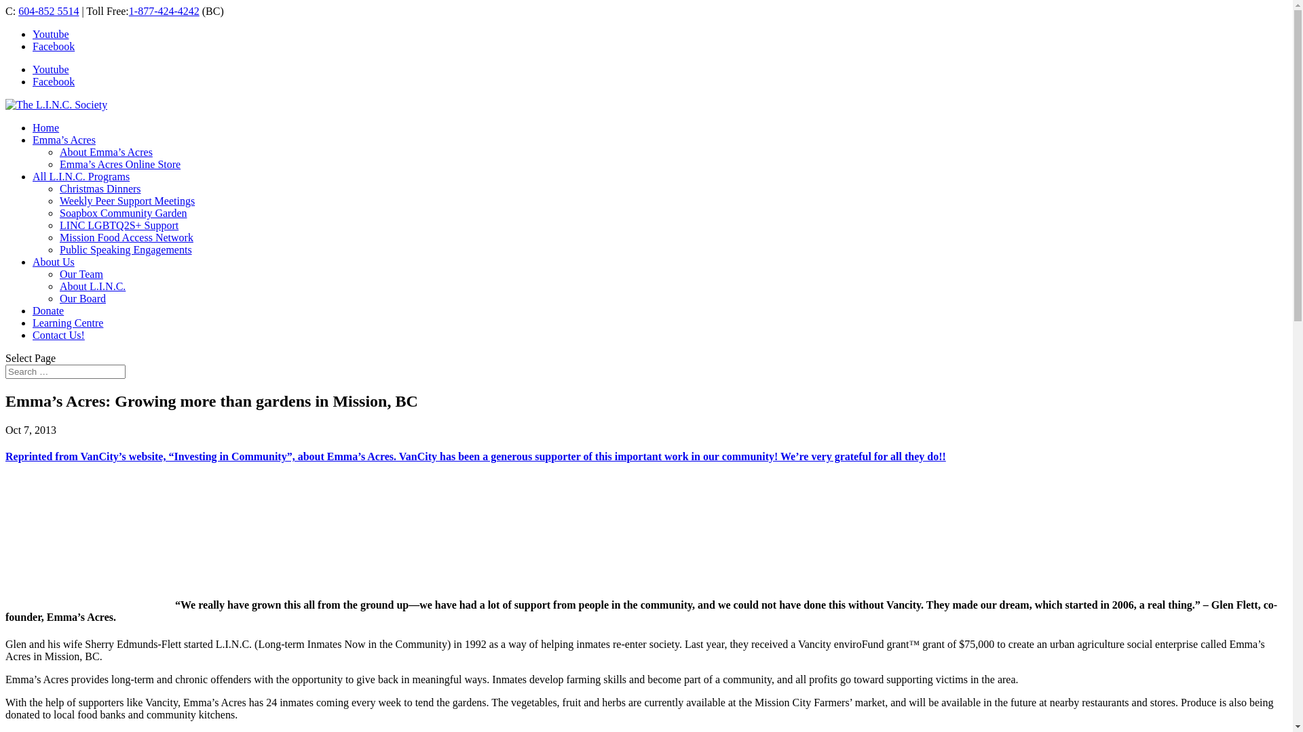 This screenshot has width=1303, height=732. What do you see at coordinates (127, 201) in the screenshot?
I see `'Weekly Peer Support Meetings'` at bounding box center [127, 201].